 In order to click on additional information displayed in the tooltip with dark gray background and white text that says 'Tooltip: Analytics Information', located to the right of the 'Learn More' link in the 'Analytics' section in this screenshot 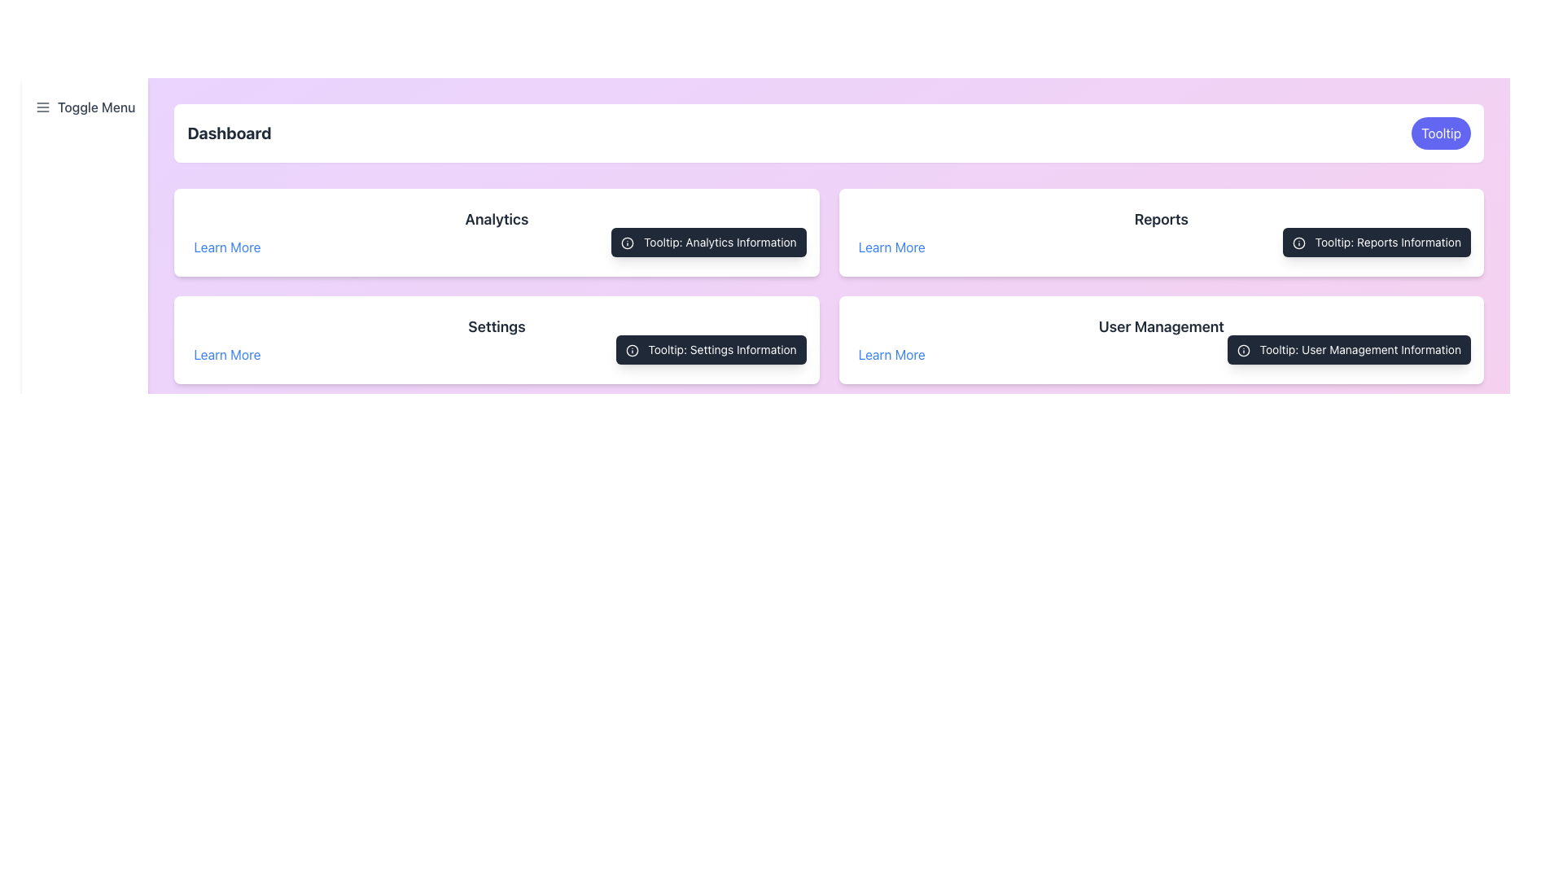, I will do `click(708, 242)`.